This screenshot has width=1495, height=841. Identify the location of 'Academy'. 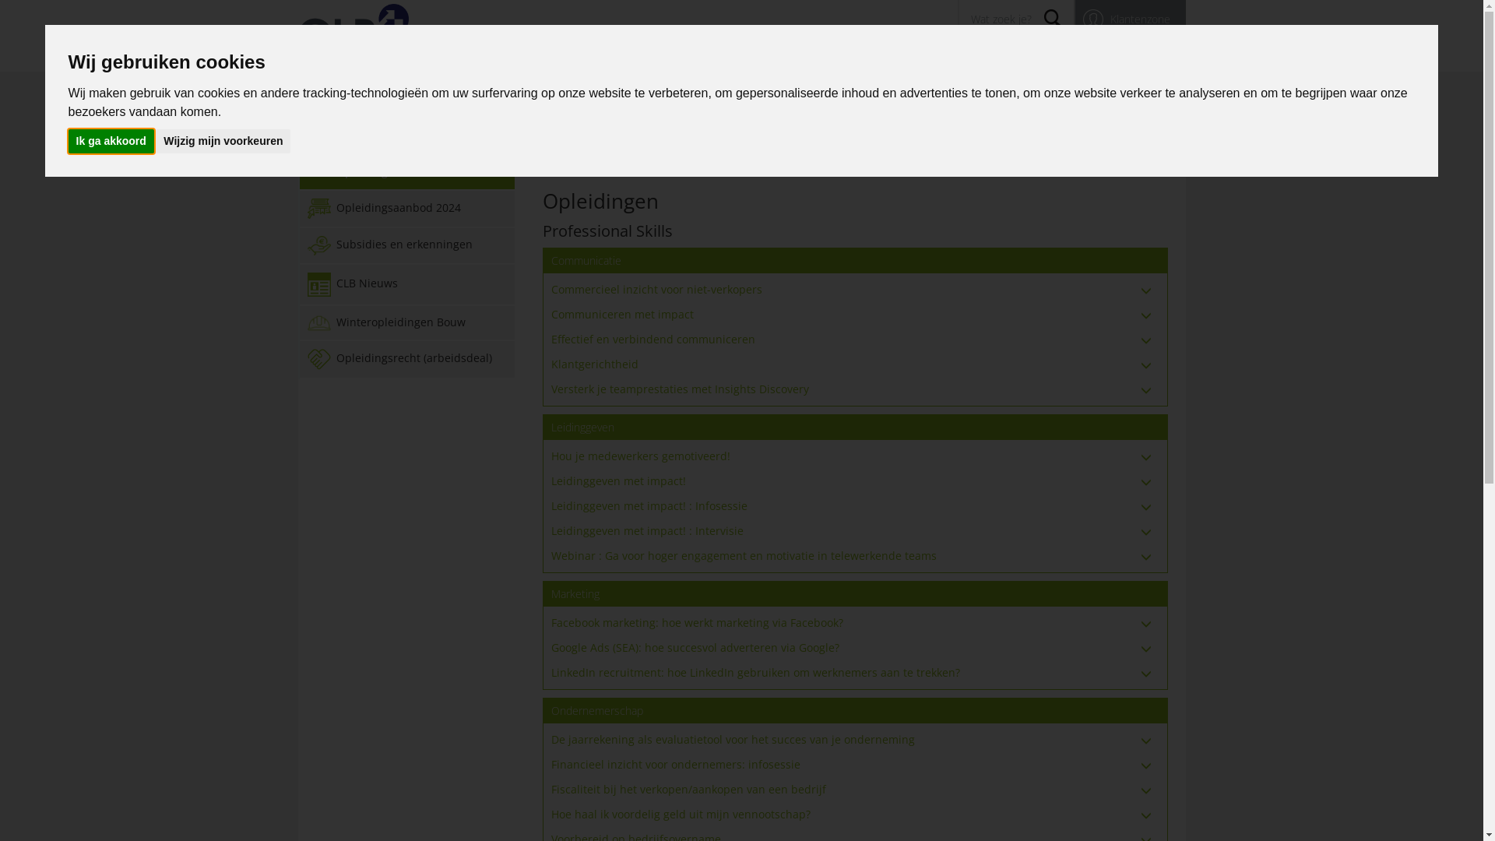
(392, 133).